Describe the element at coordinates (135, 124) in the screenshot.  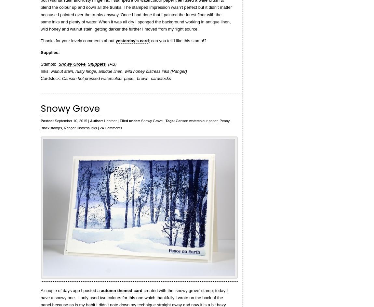
I see `'Penny Black stamps'` at that location.